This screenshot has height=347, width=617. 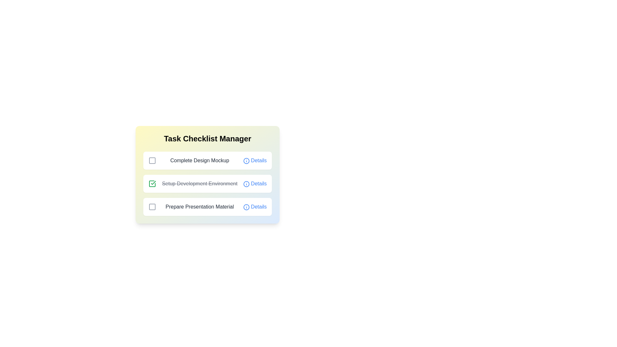 What do you see at coordinates (255, 183) in the screenshot?
I see `the 'Details' button for the task identified by Setup Development Environment` at bounding box center [255, 183].